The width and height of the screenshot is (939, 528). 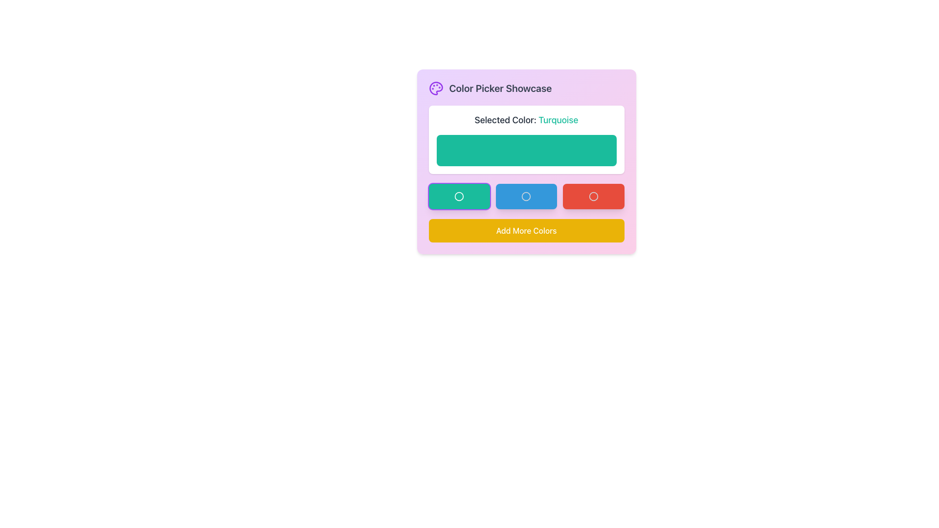 I want to click on the middle blue button with rounded corners located in the row of three buttons below the 'Selected Color: Turquoise' text, so click(x=526, y=196).